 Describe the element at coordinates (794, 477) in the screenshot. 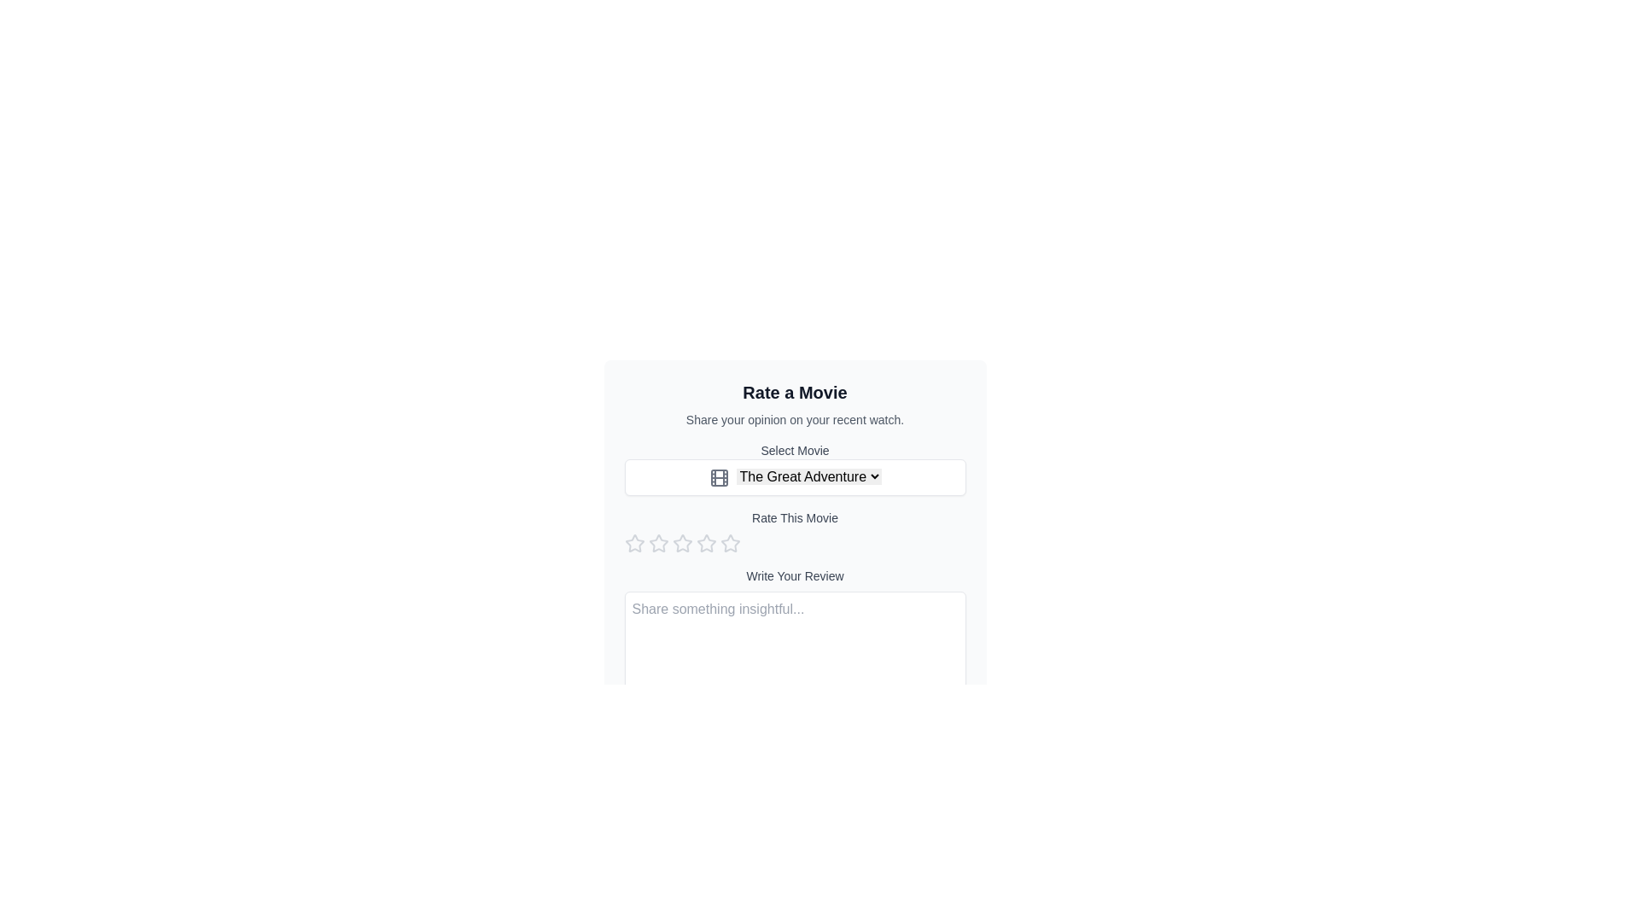

I see `the dropdown menu located below the 'Select Movie' label in the form-like layout by tabbing to it` at that location.